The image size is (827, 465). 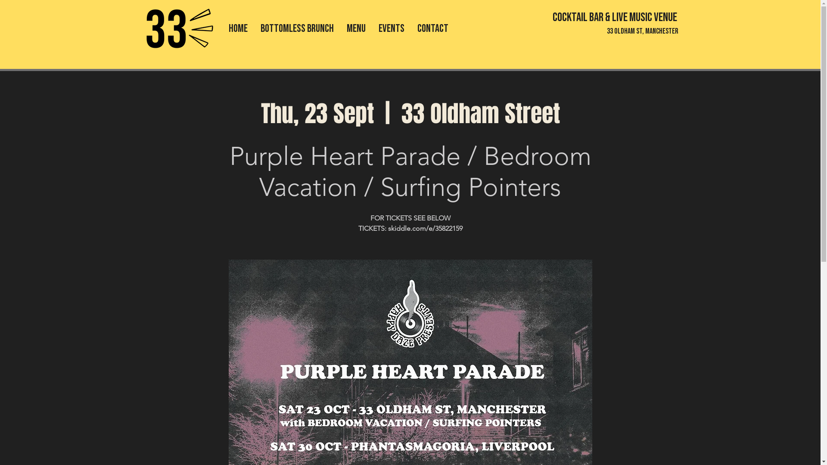 What do you see at coordinates (391, 28) in the screenshot?
I see `'EVENTS'` at bounding box center [391, 28].